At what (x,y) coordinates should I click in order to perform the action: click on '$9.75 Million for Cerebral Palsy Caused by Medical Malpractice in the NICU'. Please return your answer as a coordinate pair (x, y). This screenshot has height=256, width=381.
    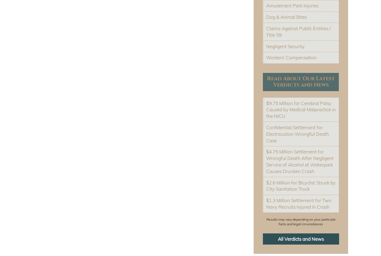
    Looking at the image, I should click on (301, 109).